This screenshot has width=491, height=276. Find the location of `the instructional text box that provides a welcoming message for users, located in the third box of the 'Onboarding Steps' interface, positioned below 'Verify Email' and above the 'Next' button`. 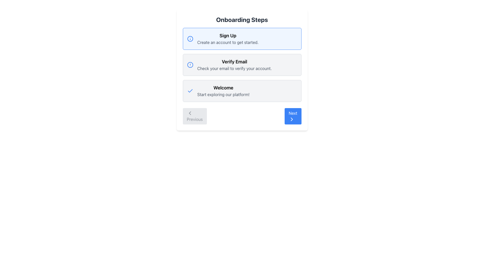

the instructional text box that provides a welcoming message for users, located in the third box of the 'Onboarding Steps' interface, positioned below 'Verify Email' and above the 'Next' button is located at coordinates (223, 90).